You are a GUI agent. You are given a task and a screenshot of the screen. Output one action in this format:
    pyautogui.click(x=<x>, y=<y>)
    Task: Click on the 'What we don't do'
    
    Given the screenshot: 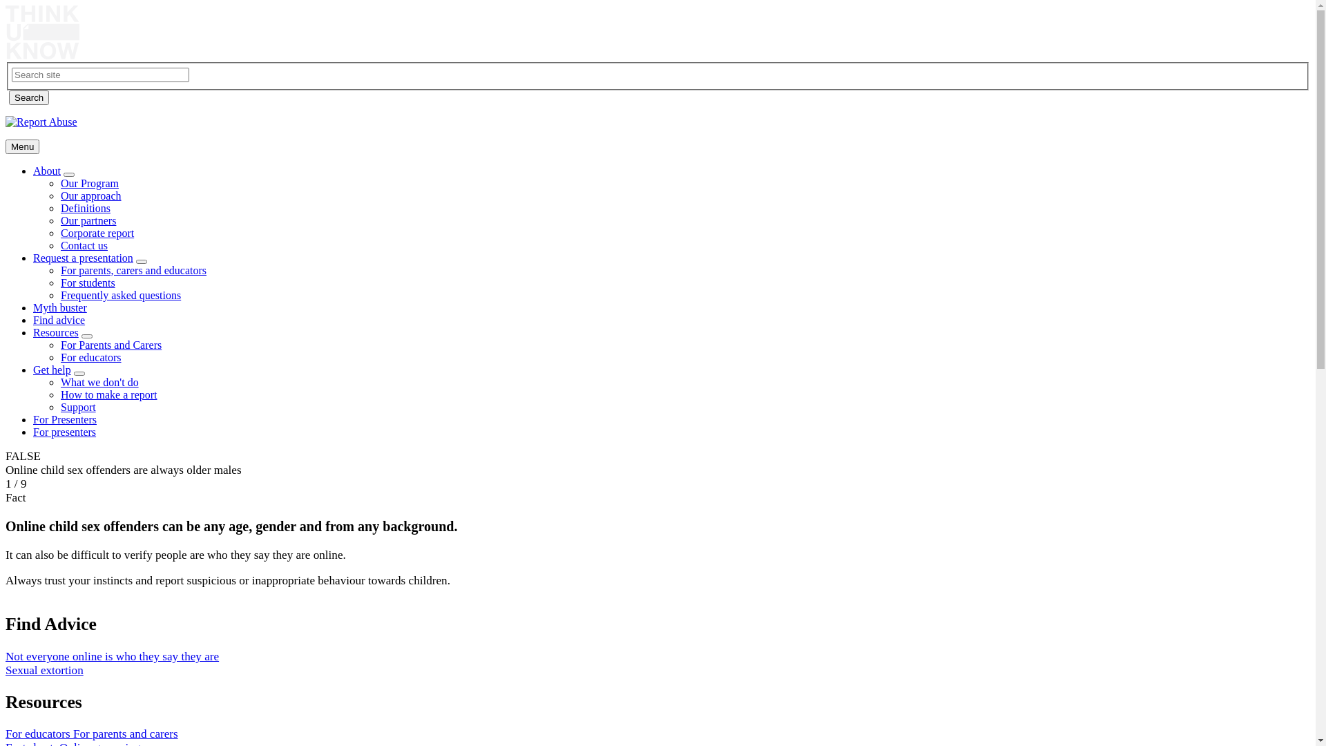 What is the action you would take?
    pyautogui.click(x=99, y=382)
    